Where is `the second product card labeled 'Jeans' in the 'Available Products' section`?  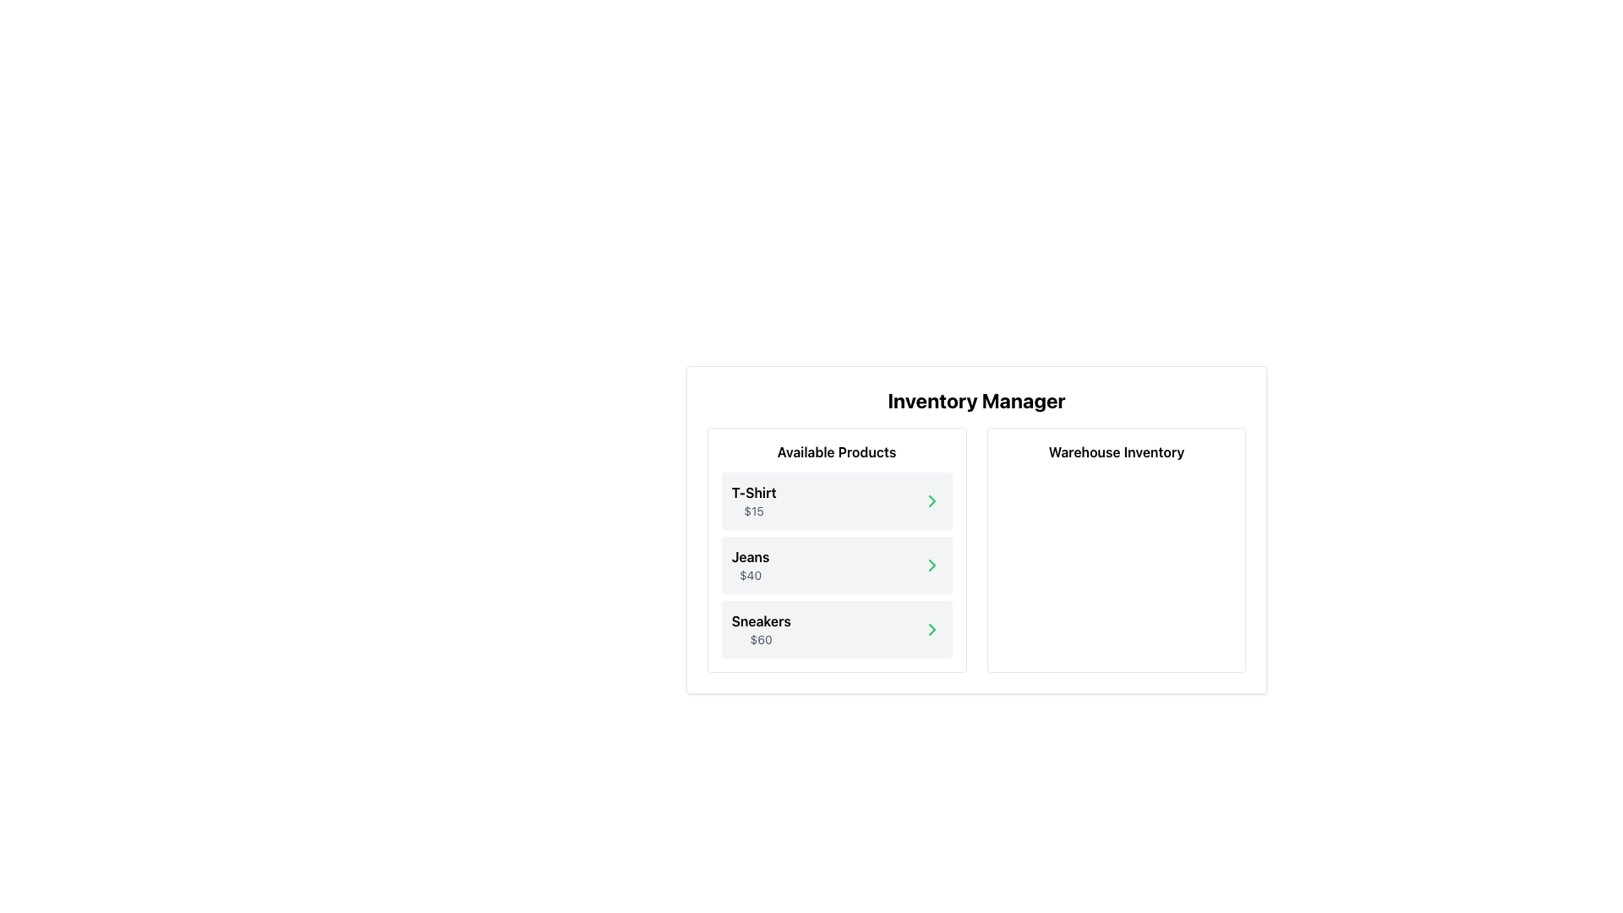
the second product card labeled 'Jeans' in the 'Available Products' section is located at coordinates (837, 550).